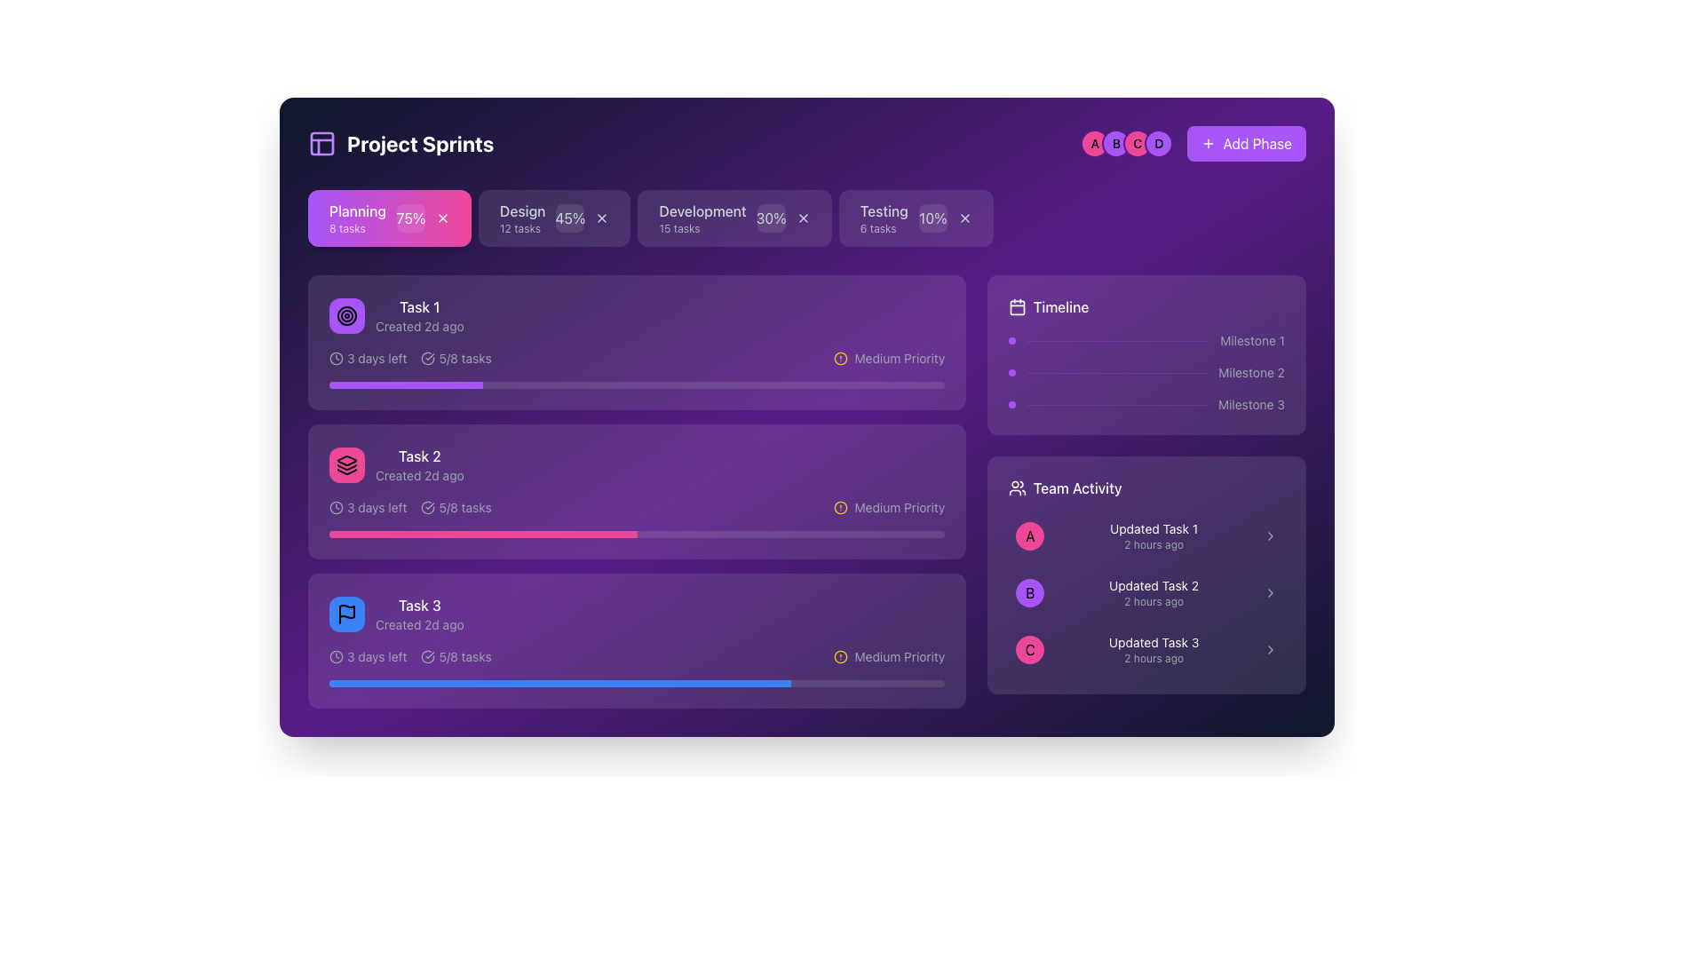 The image size is (1705, 959). I want to click on the text label that reads '3 days left' with a clock icon to its left, located in the top left area of the task card, directly below the task title, so click(367, 359).